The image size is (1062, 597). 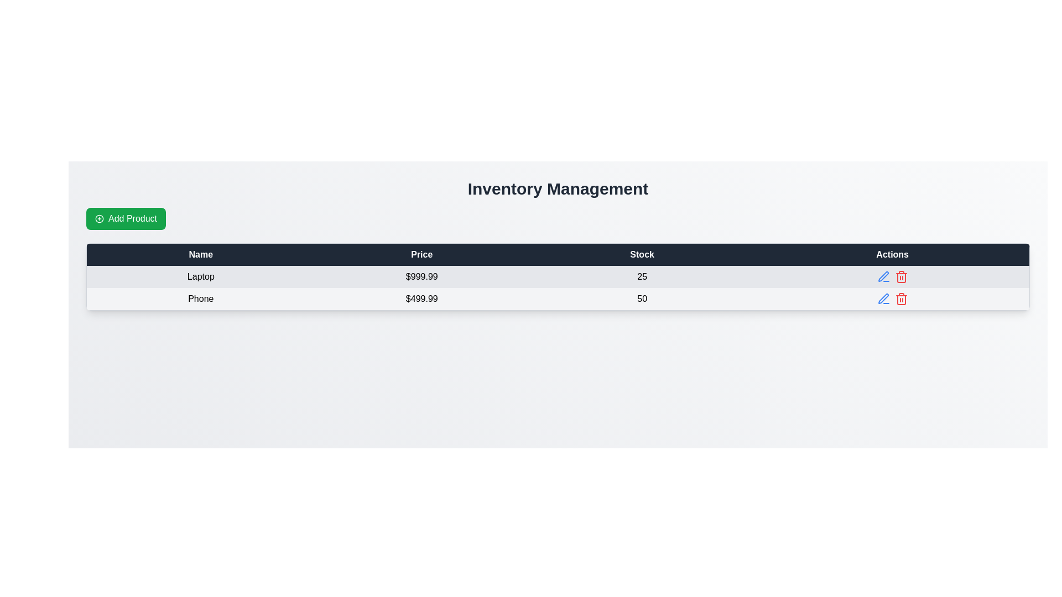 What do you see at coordinates (558, 298) in the screenshot?
I see `the second table row in the 'Inventory Management' section that displays 'Phone' under the 'Name' column, '$499.99' under the 'Price', and '50' under the 'Stock'` at bounding box center [558, 298].